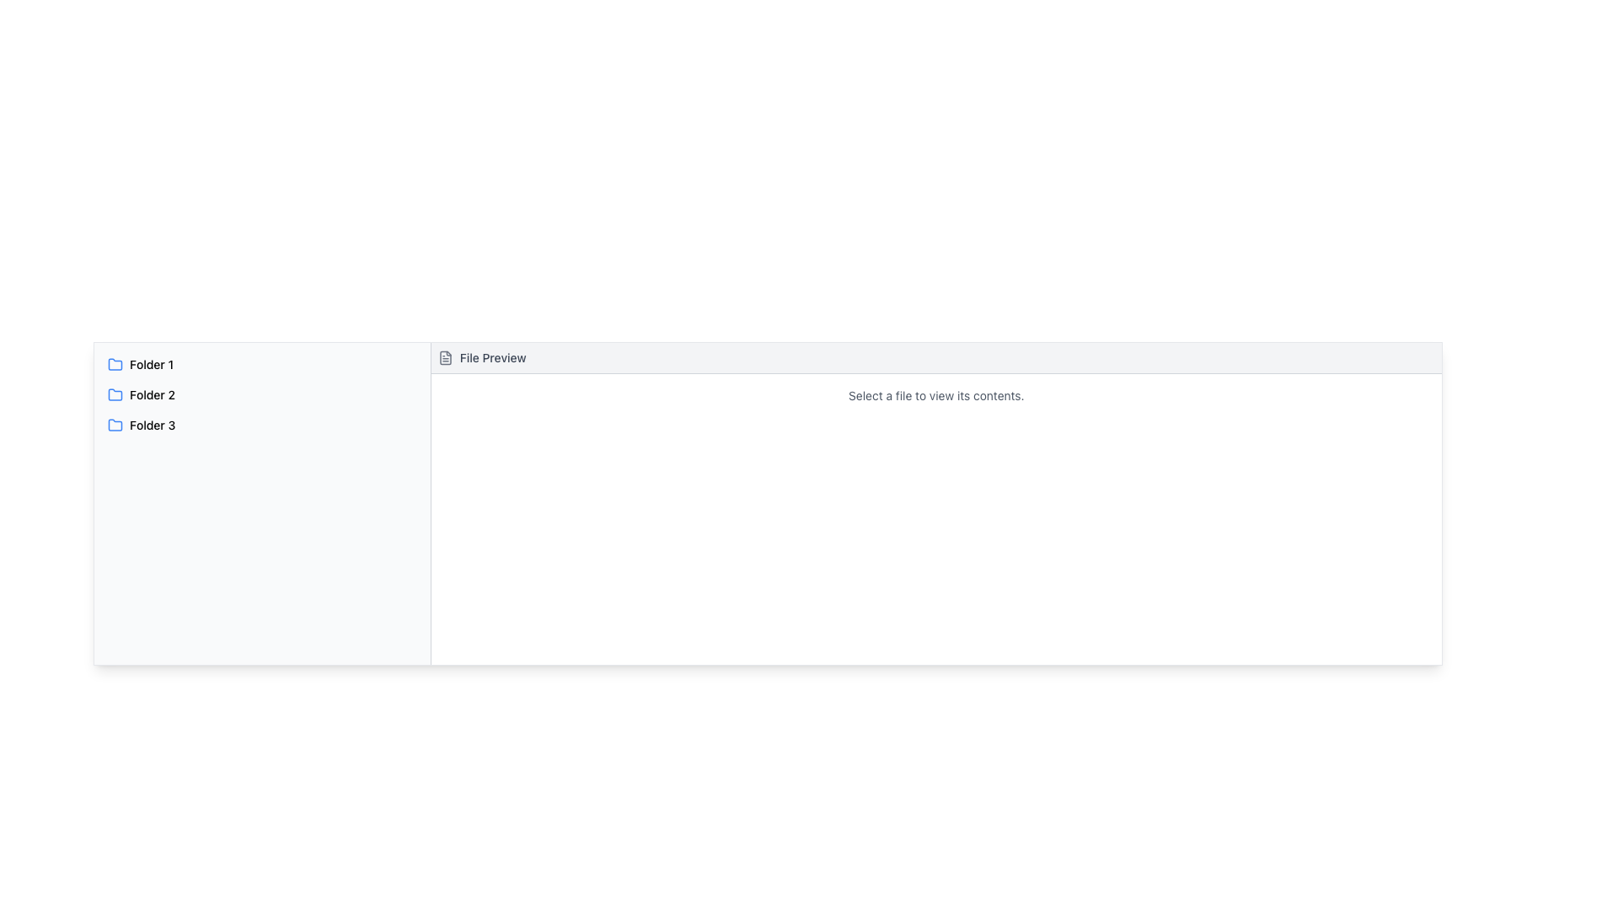 The image size is (1618, 910). Describe the element at coordinates (115, 363) in the screenshot. I see `the folder icon with a blue outline located to the left of the text label 'Folder 1' in the left panel of the interface` at that location.